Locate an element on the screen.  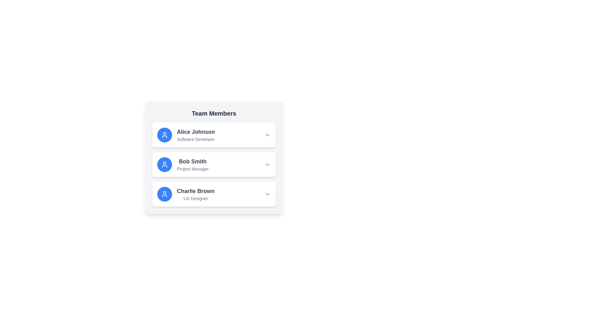
the user avatar icon, which is a circular icon with a white representation against a solid blue background, located to the left of the 'Bob Smith' label in the 'Team Members' list is located at coordinates (164, 135).